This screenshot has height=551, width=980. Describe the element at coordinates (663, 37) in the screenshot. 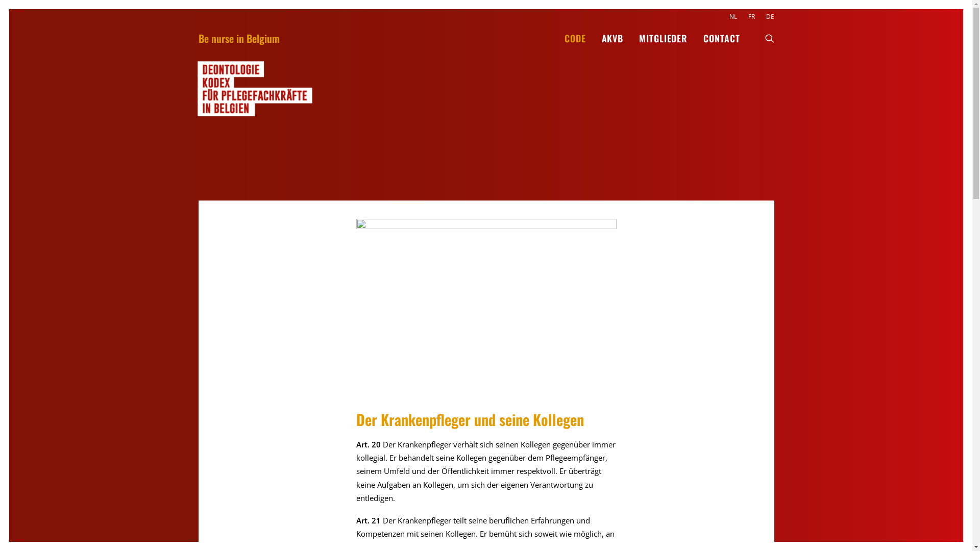

I see `'MITGLIEDER'` at that location.